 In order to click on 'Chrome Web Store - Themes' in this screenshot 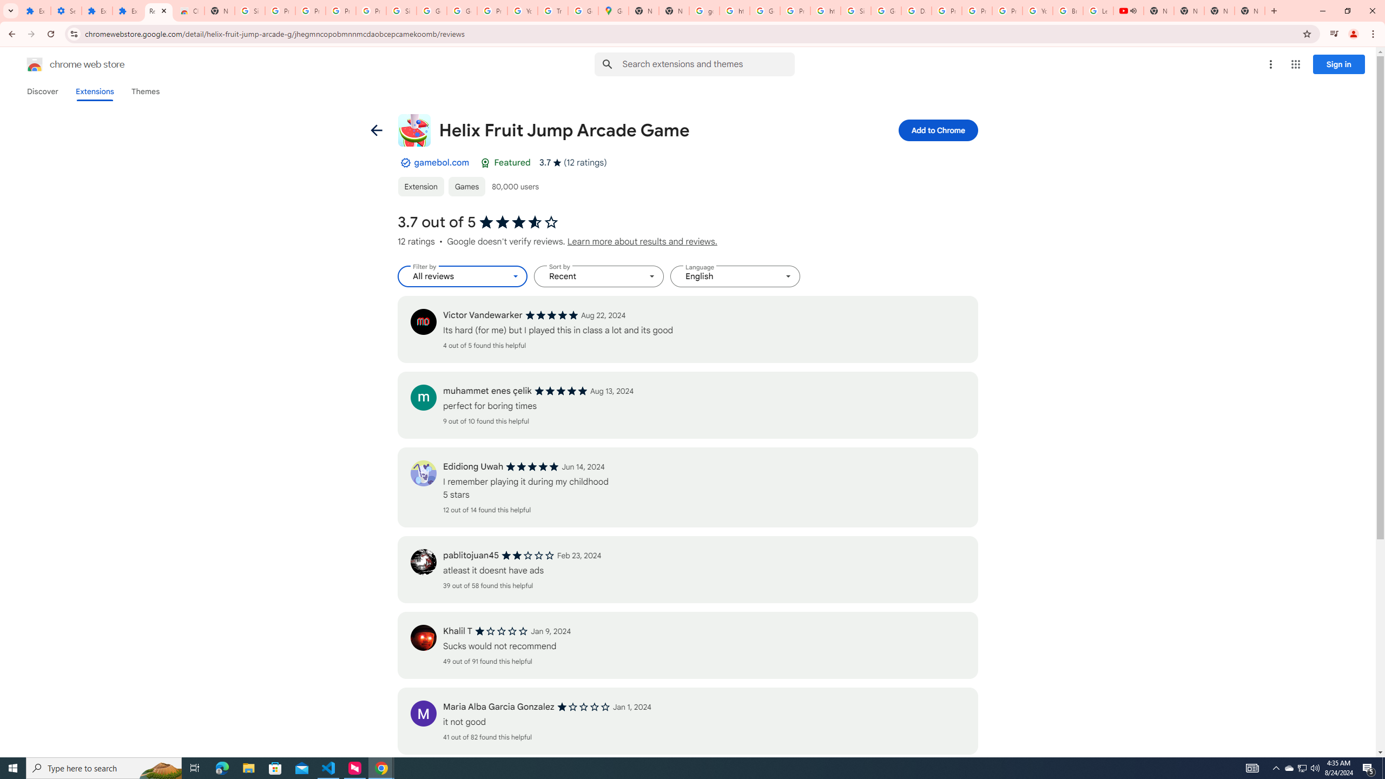, I will do `click(188, 10)`.